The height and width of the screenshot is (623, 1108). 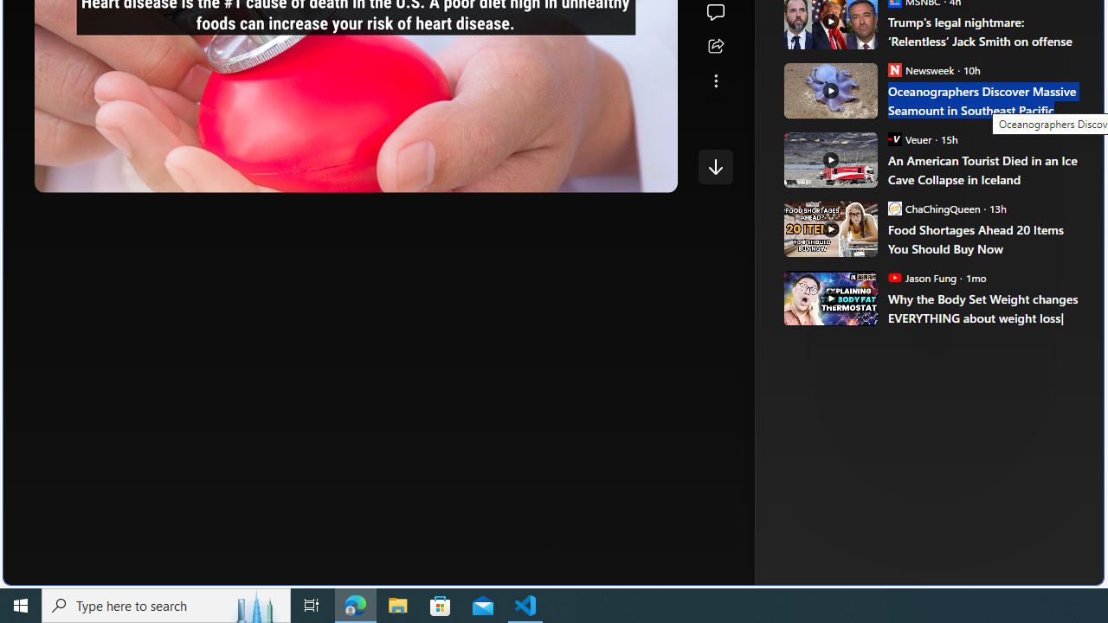 I want to click on 'Food Shortages Ahead 20 Items You Should Buy Now', so click(x=983, y=239).